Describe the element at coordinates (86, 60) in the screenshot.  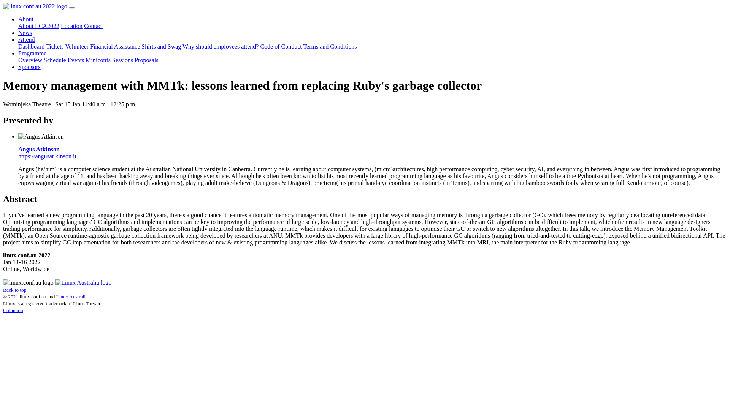
I see `'Miniconfs'` at that location.